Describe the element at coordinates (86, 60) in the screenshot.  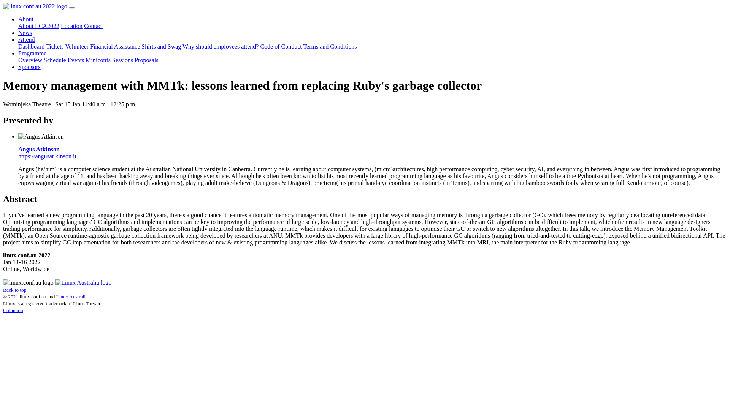
I see `'Miniconfs'` at that location.